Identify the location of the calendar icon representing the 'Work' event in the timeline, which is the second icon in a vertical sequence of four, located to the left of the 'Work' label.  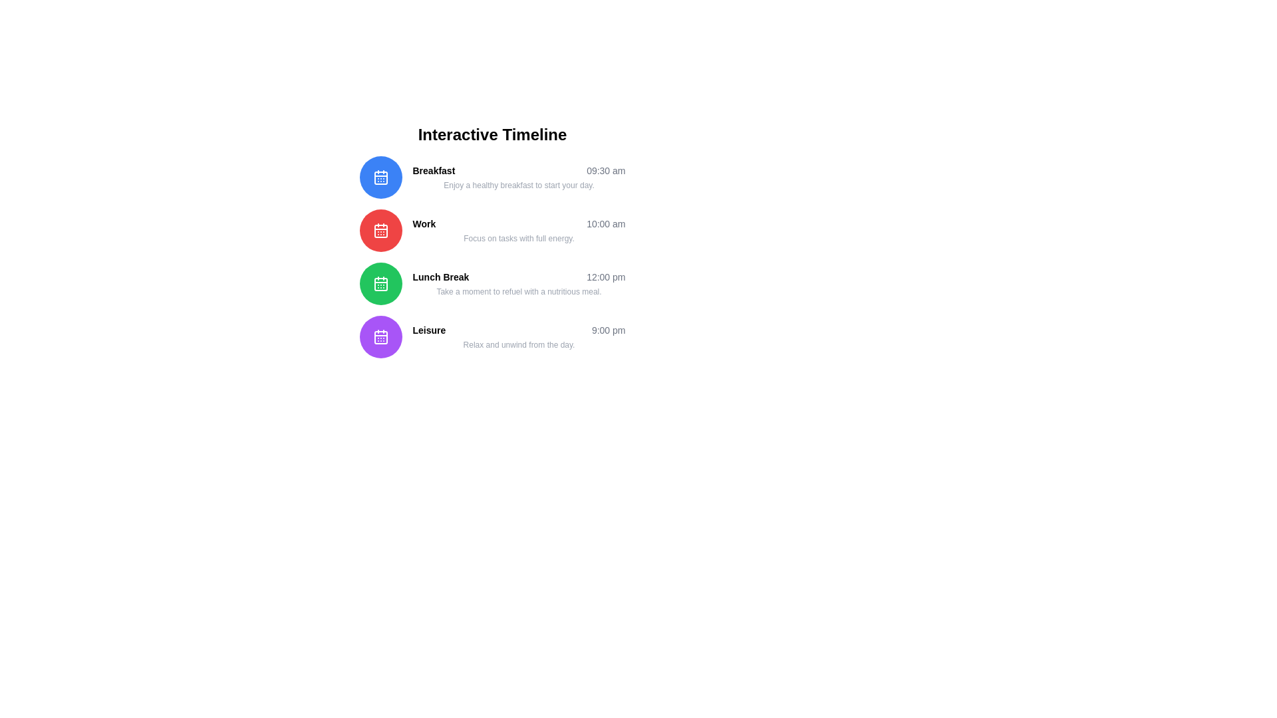
(380, 230).